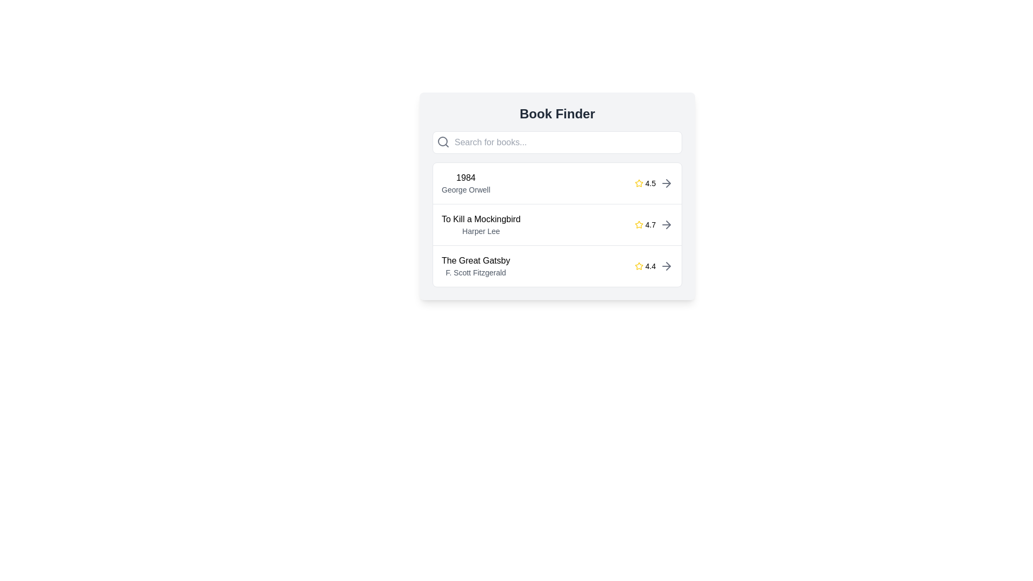 This screenshot has width=1033, height=581. What do you see at coordinates (639, 182) in the screenshot?
I see `the first star icon representing the rating for the book '1984' by George Orwell, located on the right side of its row` at bounding box center [639, 182].